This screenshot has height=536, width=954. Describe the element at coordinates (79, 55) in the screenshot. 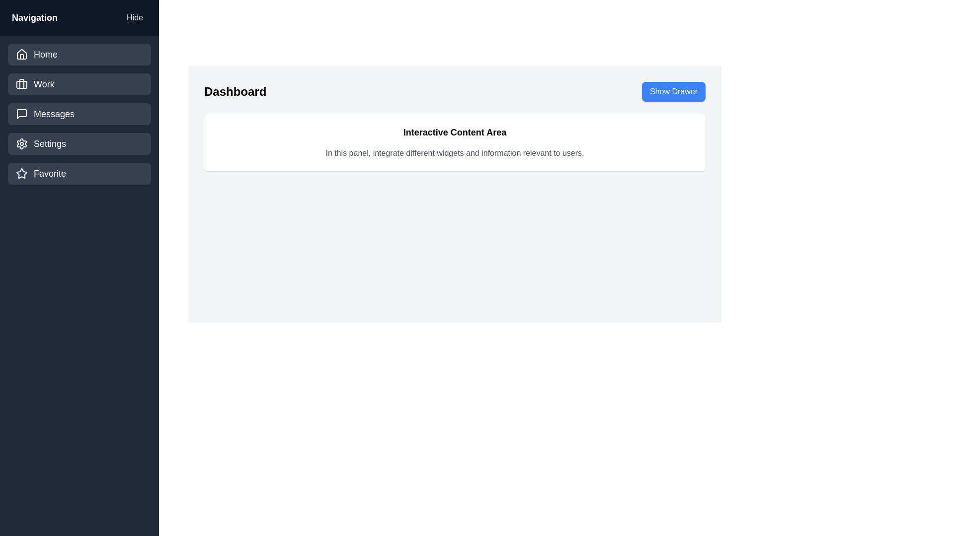

I see `the navigation item labeled Home` at that location.